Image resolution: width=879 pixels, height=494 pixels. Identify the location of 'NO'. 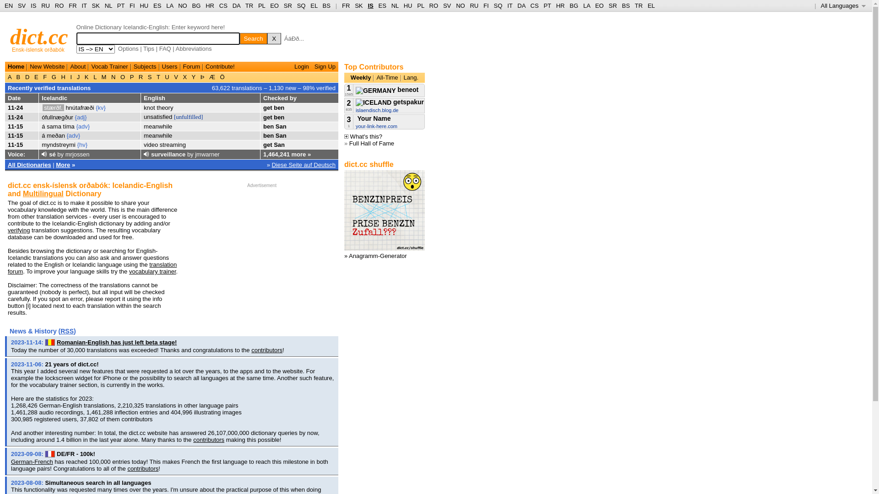
(461, 5).